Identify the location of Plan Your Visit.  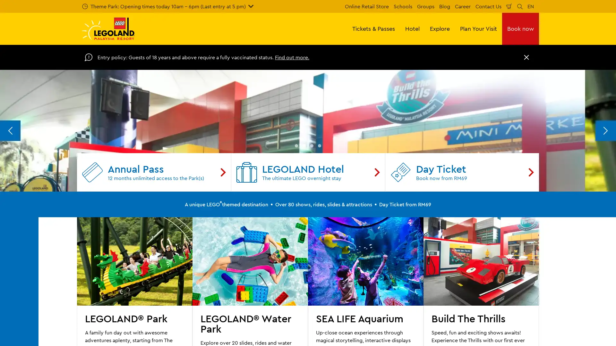
(478, 28).